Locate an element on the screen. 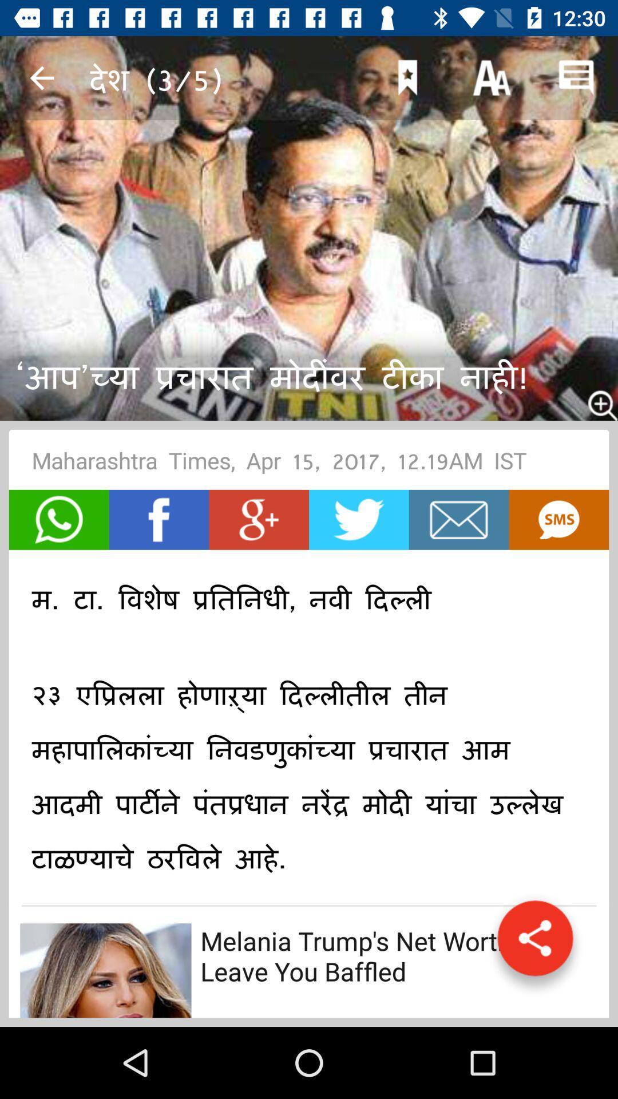  google is located at coordinates (259, 519).